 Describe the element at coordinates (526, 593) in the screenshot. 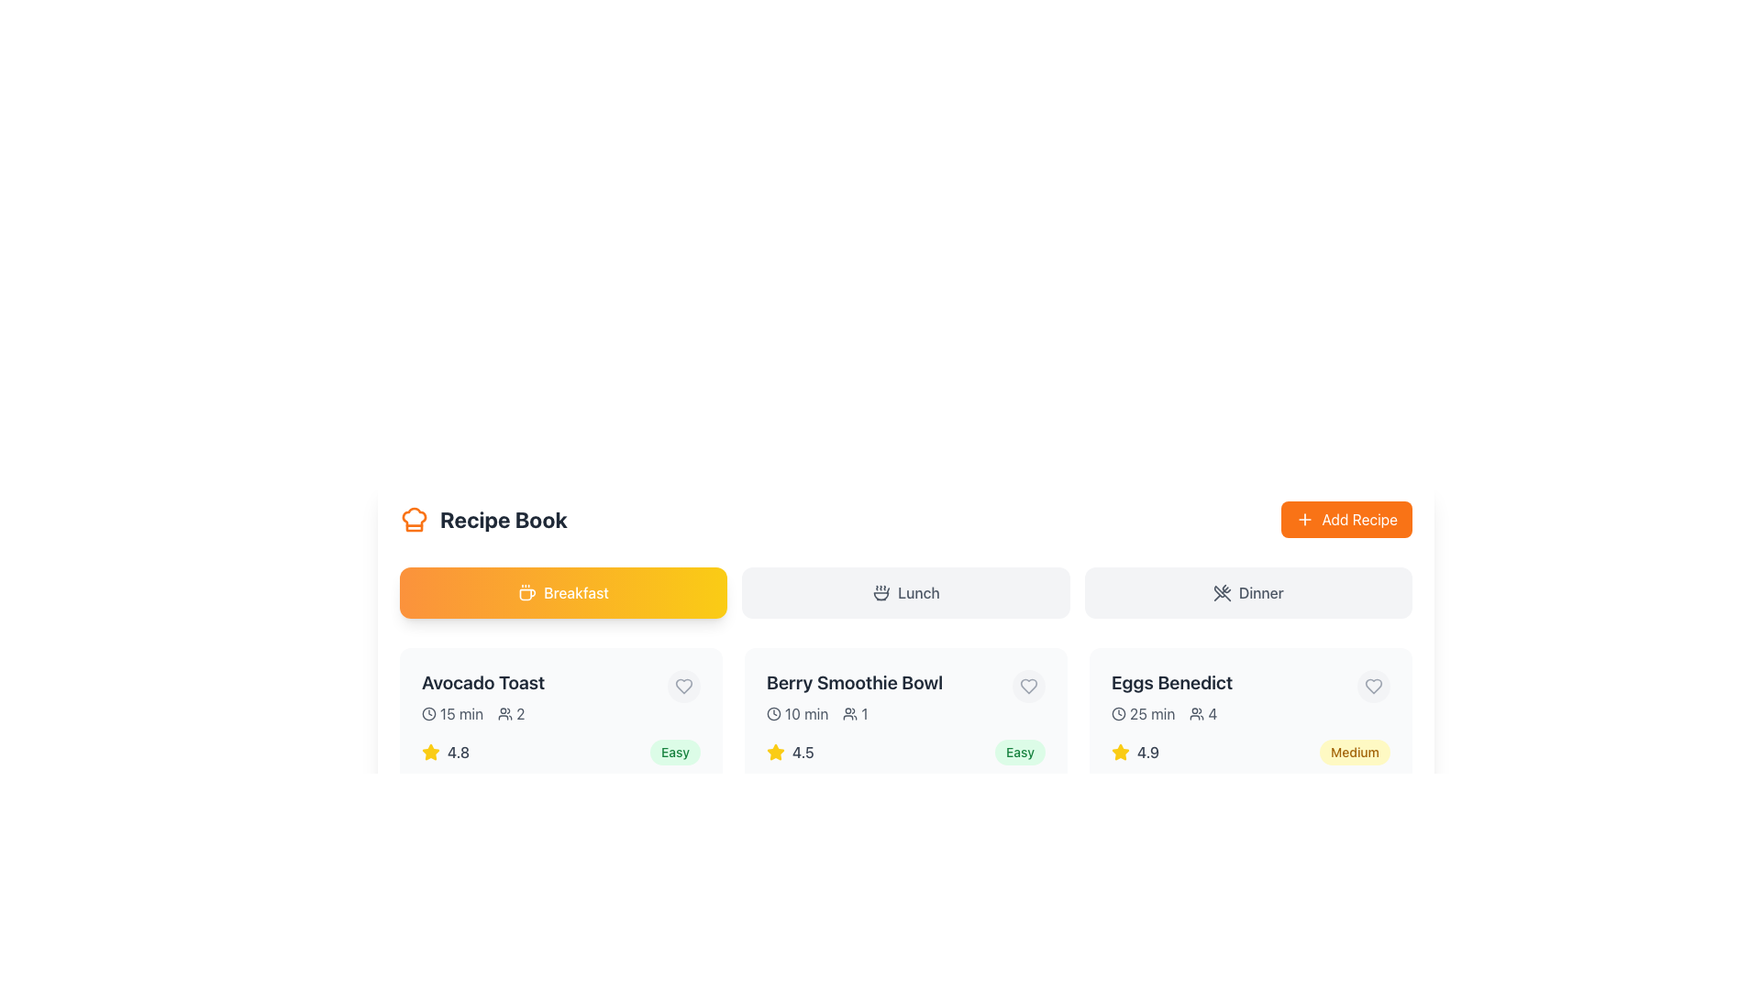

I see `the coffee cup icon located to the left of the 'Breakfast' text` at that location.